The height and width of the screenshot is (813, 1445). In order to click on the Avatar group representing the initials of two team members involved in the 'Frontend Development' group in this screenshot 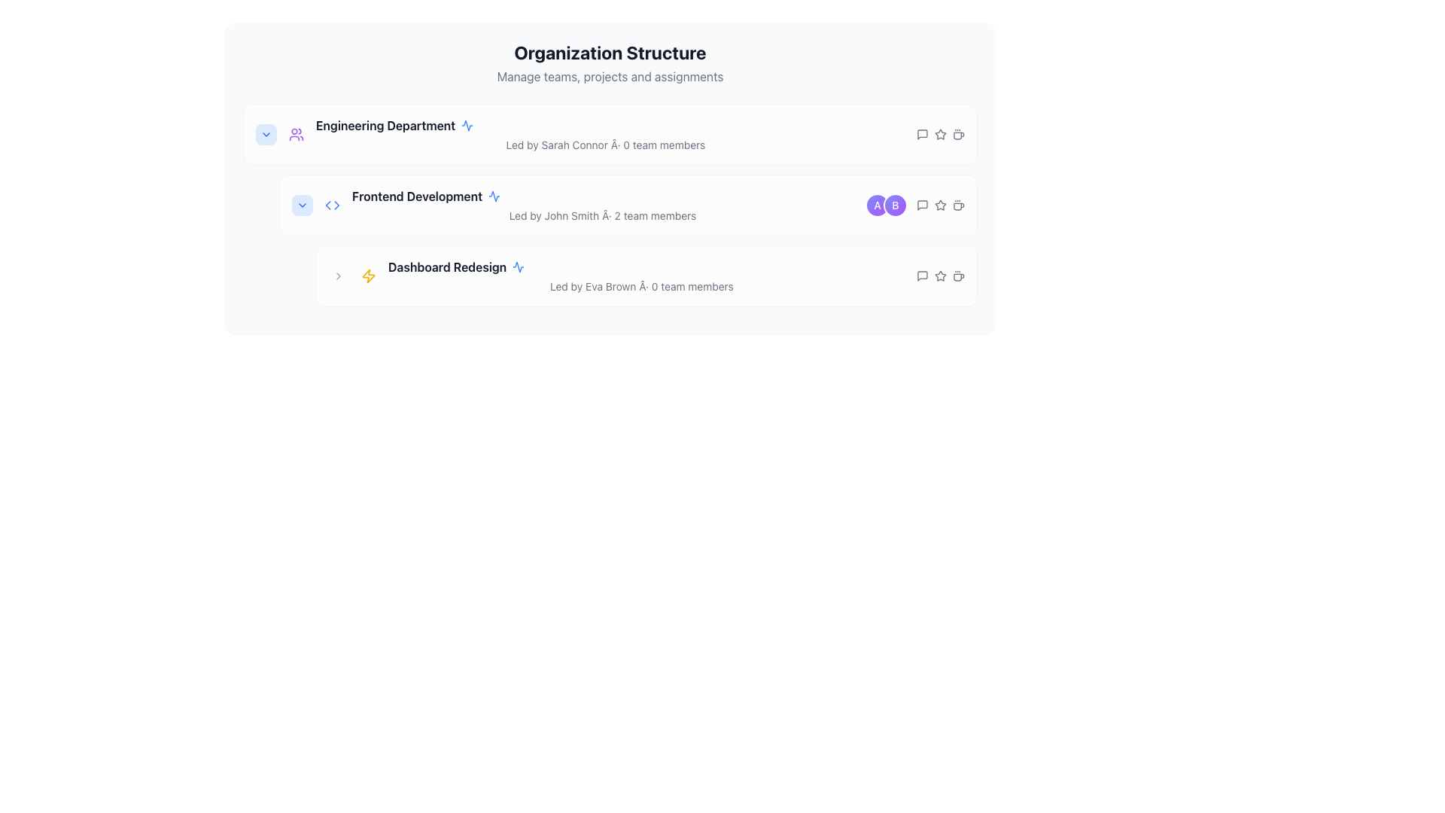, I will do `click(886, 206)`.